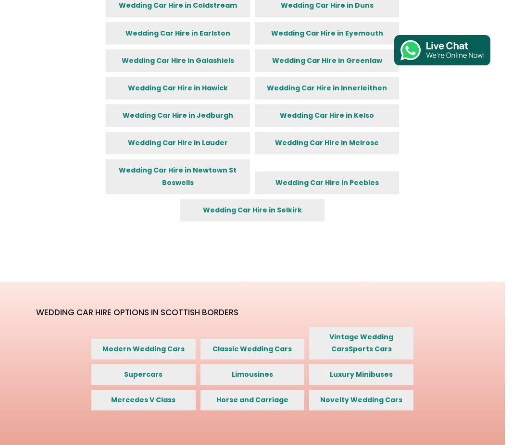 The image size is (512, 445). What do you see at coordinates (361, 374) in the screenshot?
I see `'Luxury Minibuses'` at bounding box center [361, 374].